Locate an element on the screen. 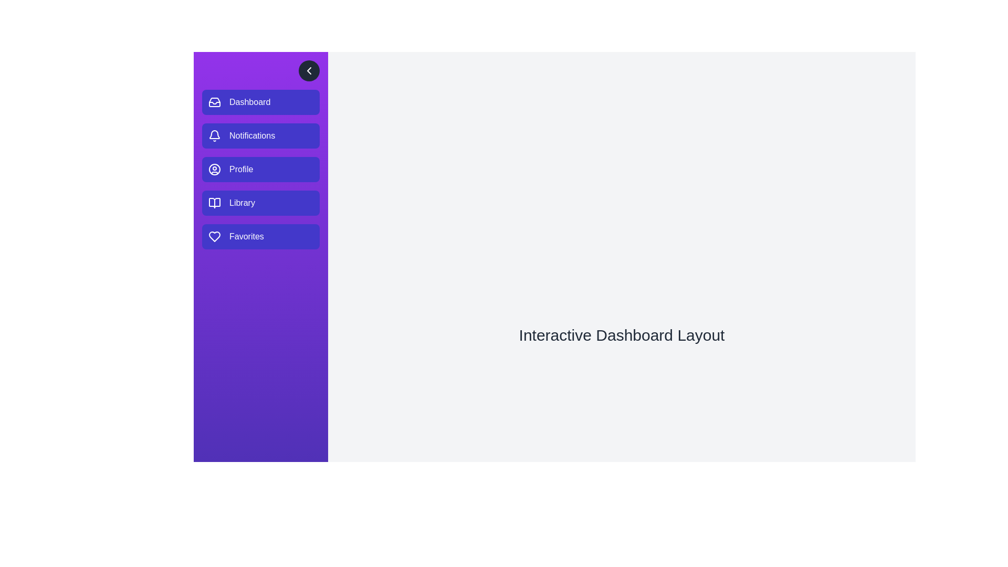 Image resolution: width=1008 pixels, height=567 pixels. the menu item labeled Profile is located at coordinates (261, 169).